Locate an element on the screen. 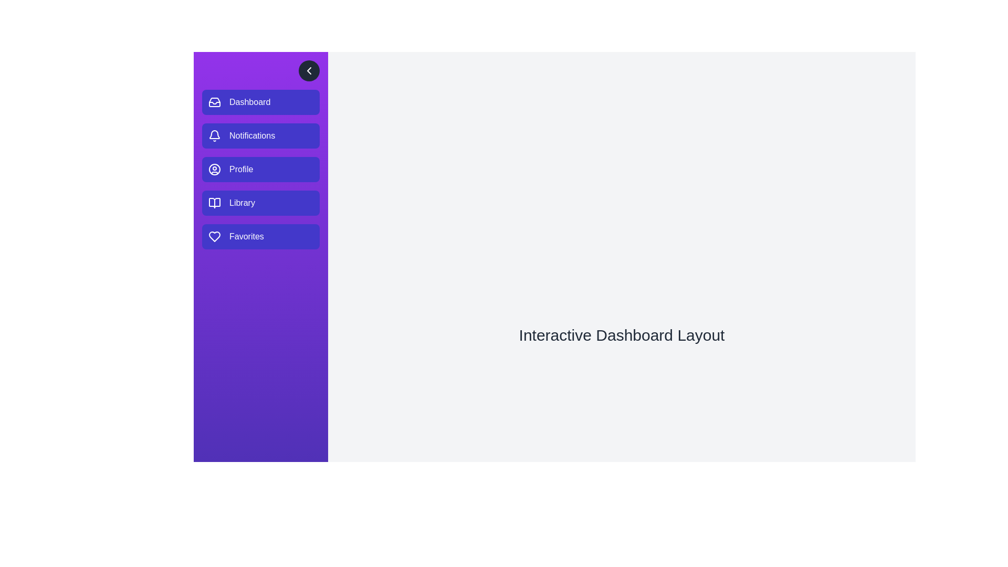 Image resolution: width=1008 pixels, height=567 pixels. the menu item labeled Profile is located at coordinates (261, 169).